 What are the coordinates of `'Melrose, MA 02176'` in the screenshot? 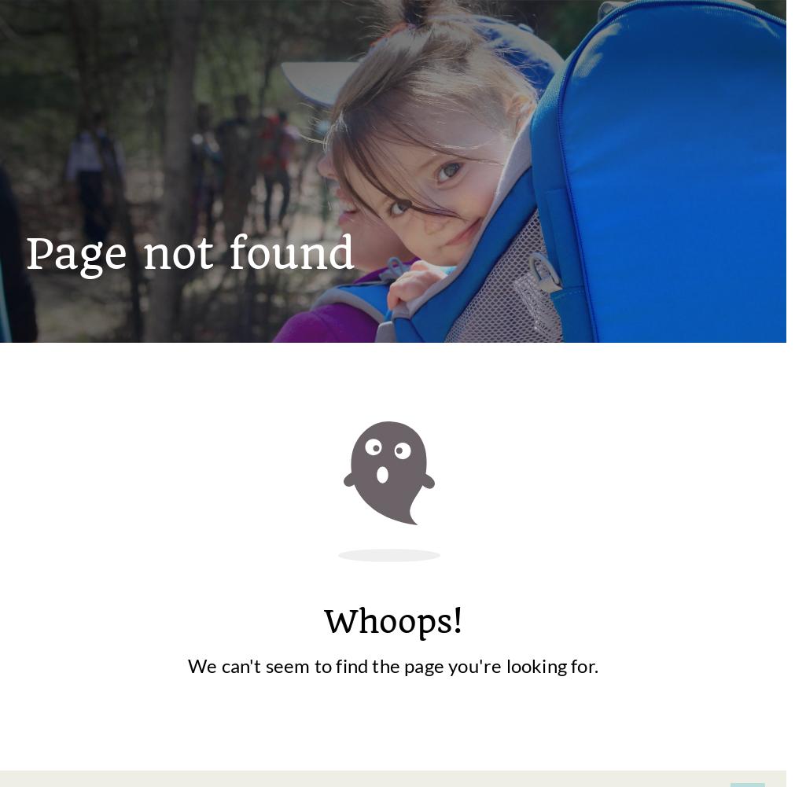 It's located at (415, 527).